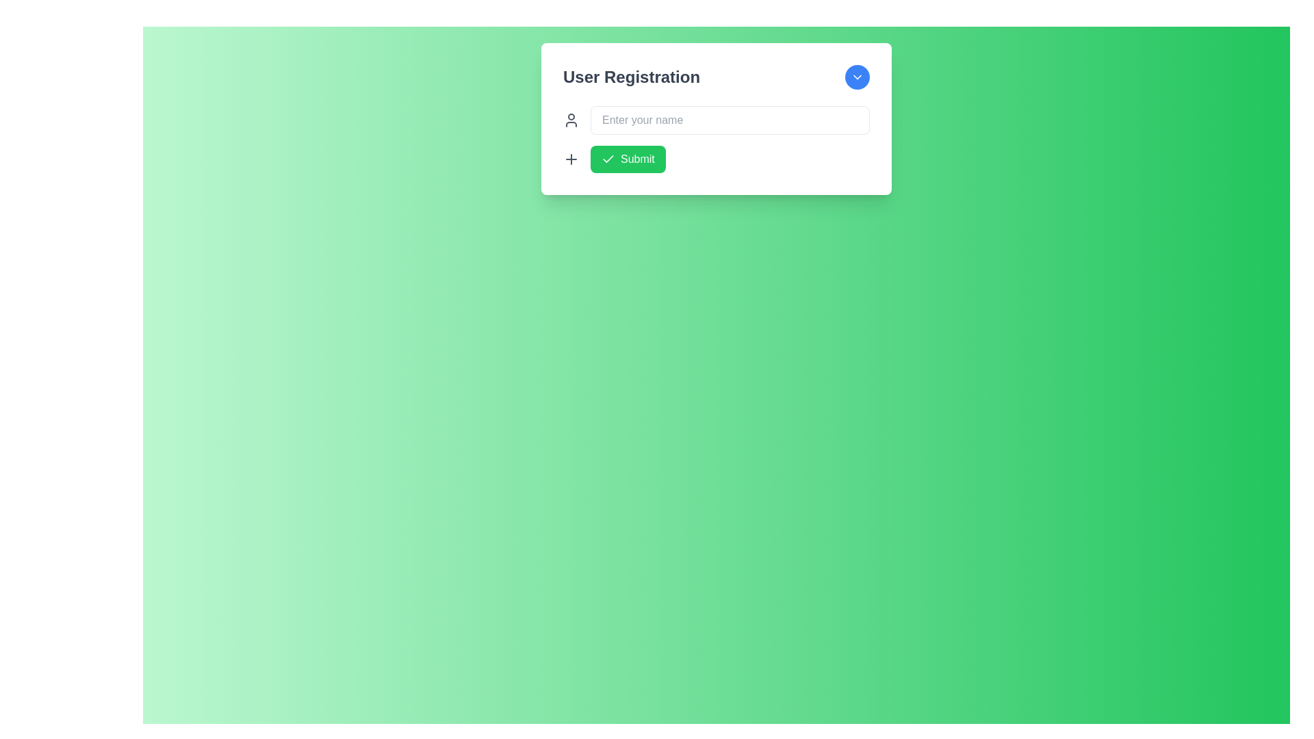 This screenshot has height=739, width=1314. Describe the element at coordinates (607, 158) in the screenshot. I see `the small checkmark icon with a green background located inside the 'Submit' button` at that location.